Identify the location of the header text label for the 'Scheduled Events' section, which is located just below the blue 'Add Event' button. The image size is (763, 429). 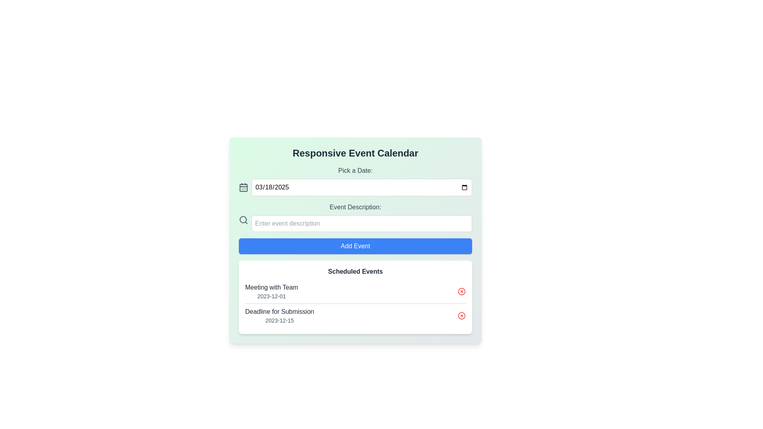
(355, 271).